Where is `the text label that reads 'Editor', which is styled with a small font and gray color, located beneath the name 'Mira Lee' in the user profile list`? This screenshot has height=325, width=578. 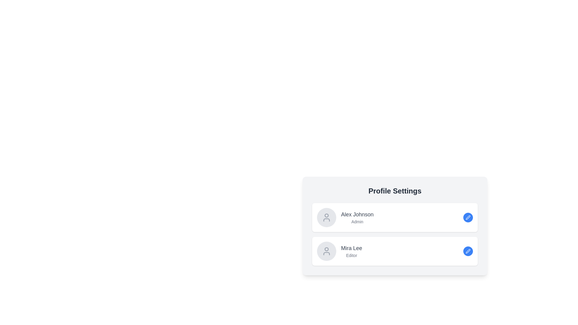
the text label that reads 'Editor', which is styled with a small font and gray color, located beneath the name 'Mira Lee' in the user profile list is located at coordinates (351, 255).